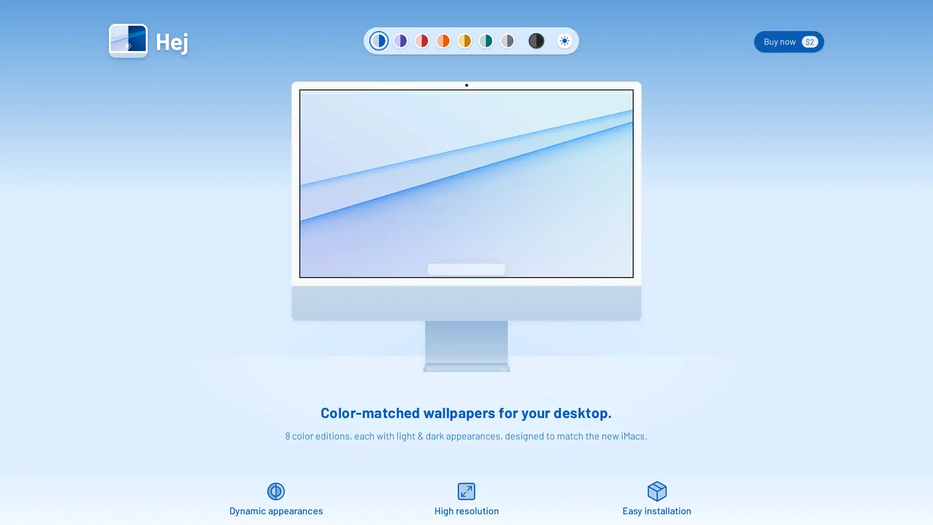 This screenshot has height=525, width=933. Describe the element at coordinates (378, 40) in the screenshot. I see `Set theme to blue` at that location.